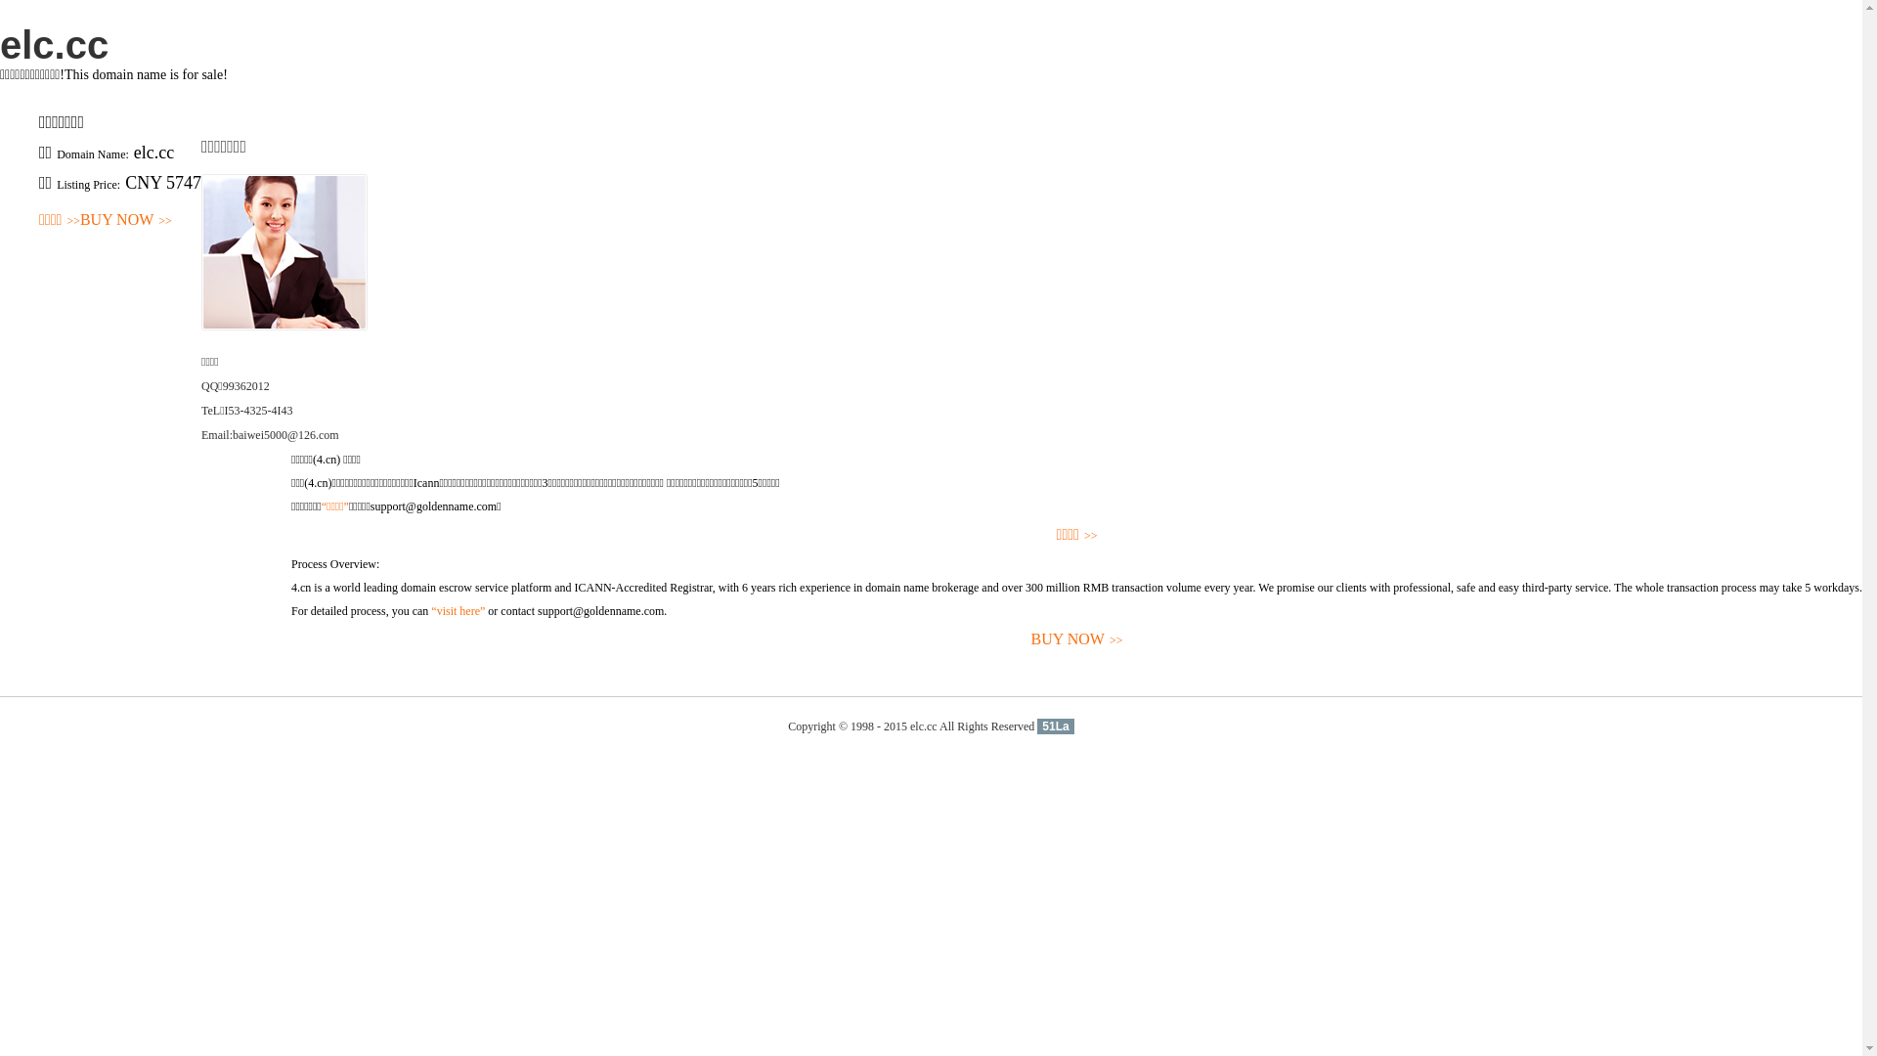 Image resolution: width=1877 pixels, height=1056 pixels. What do you see at coordinates (1075, 639) in the screenshot?
I see `'BUY NOW>>'` at bounding box center [1075, 639].